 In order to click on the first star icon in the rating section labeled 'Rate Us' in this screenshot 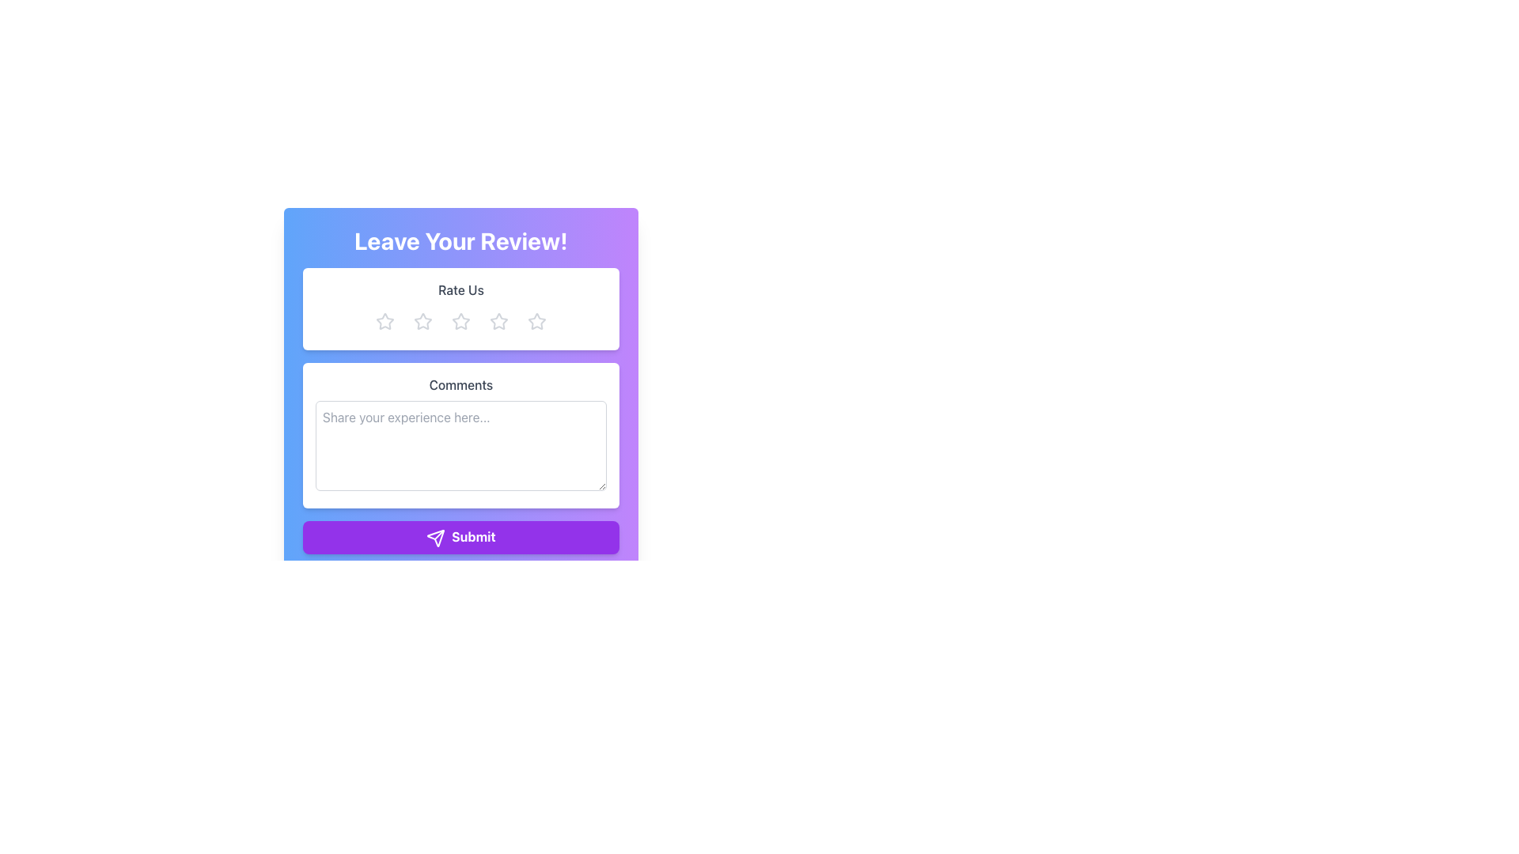, I will do `click(384, 320)`.